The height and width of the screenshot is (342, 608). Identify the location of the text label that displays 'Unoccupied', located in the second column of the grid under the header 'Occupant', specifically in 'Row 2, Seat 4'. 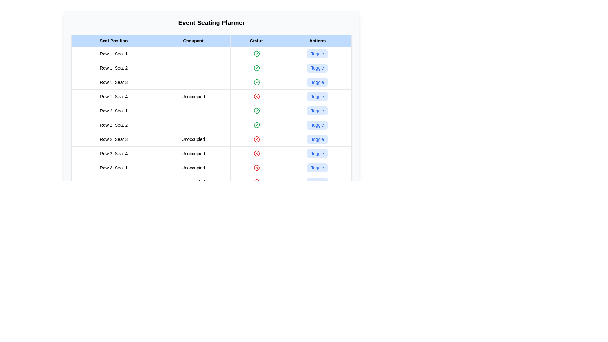
(193, 154).